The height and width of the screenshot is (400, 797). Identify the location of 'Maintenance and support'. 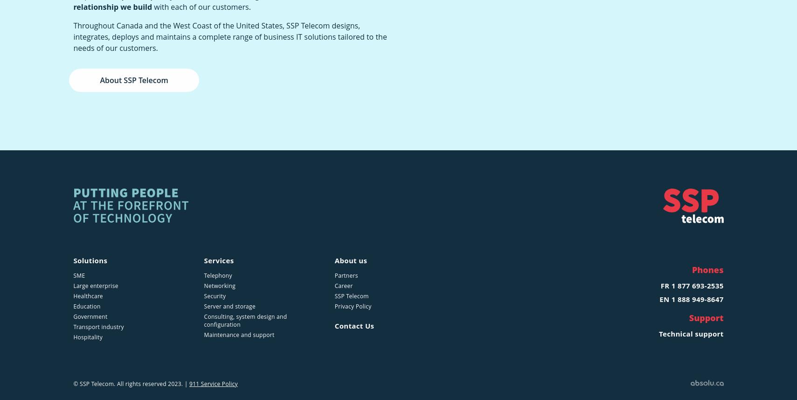
(238, 335).